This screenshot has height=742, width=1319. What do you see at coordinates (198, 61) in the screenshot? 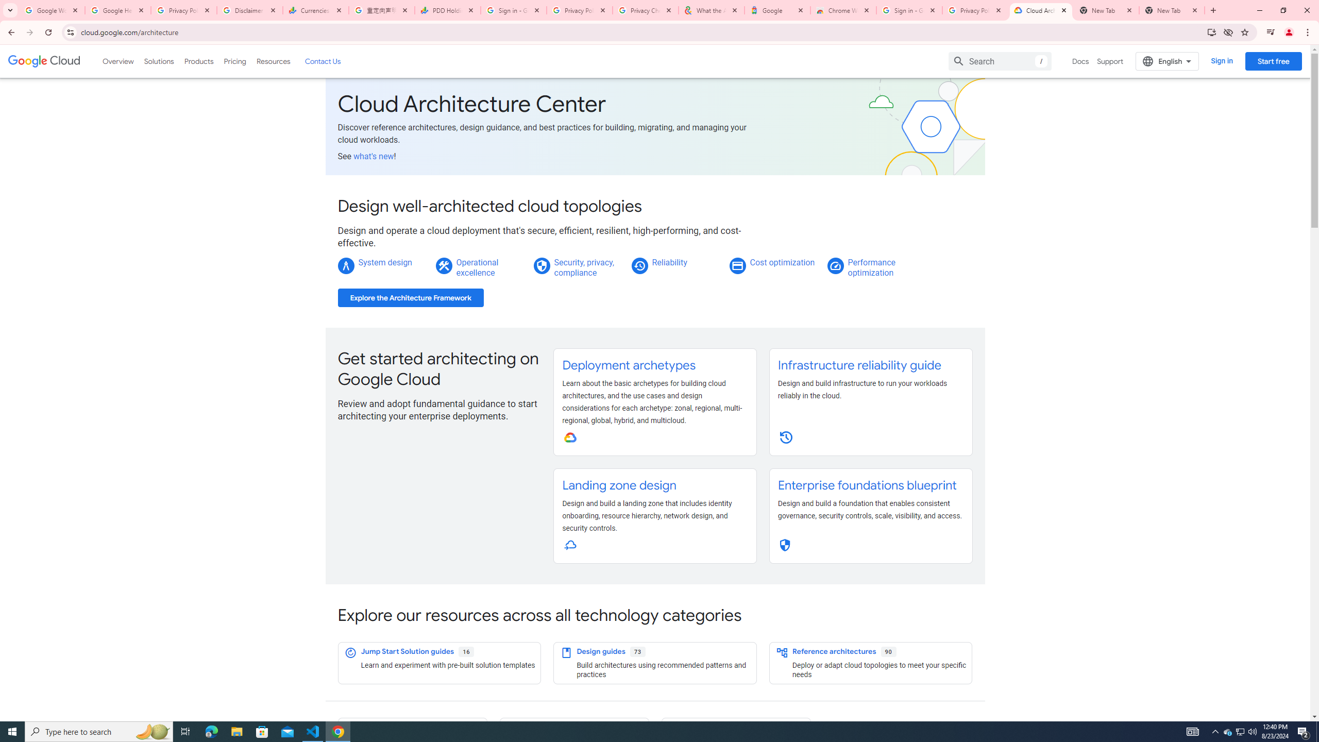
I see `'Products'` at bounding box center [198, 61].